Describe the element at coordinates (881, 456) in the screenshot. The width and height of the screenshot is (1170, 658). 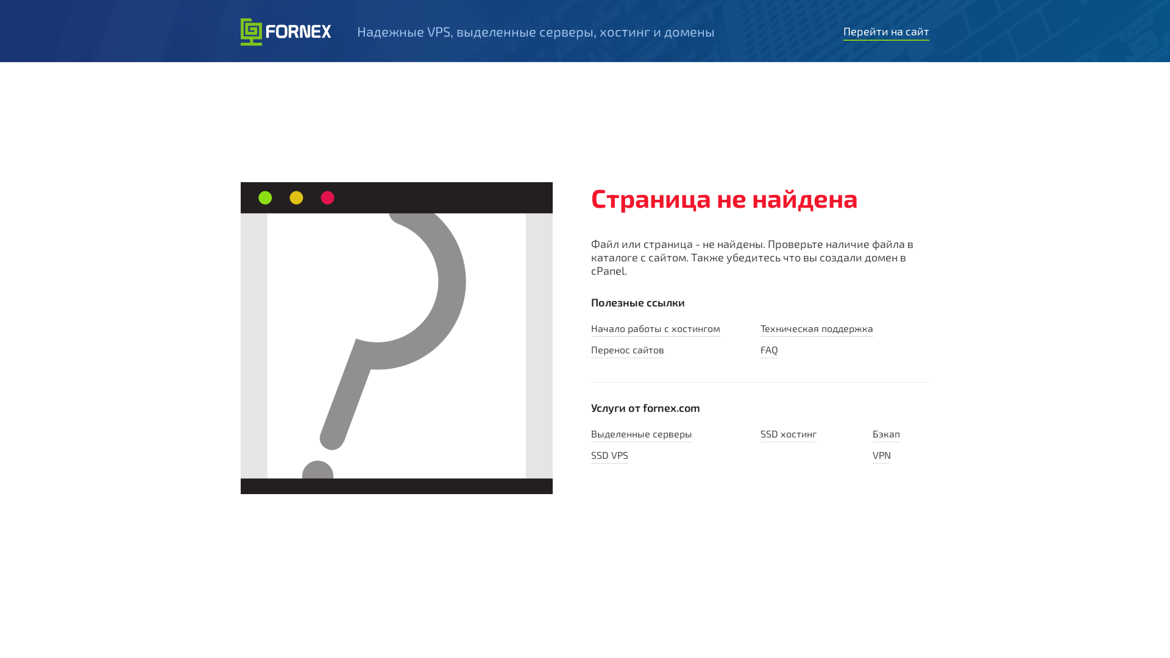
I see `'VPN'` at that location.